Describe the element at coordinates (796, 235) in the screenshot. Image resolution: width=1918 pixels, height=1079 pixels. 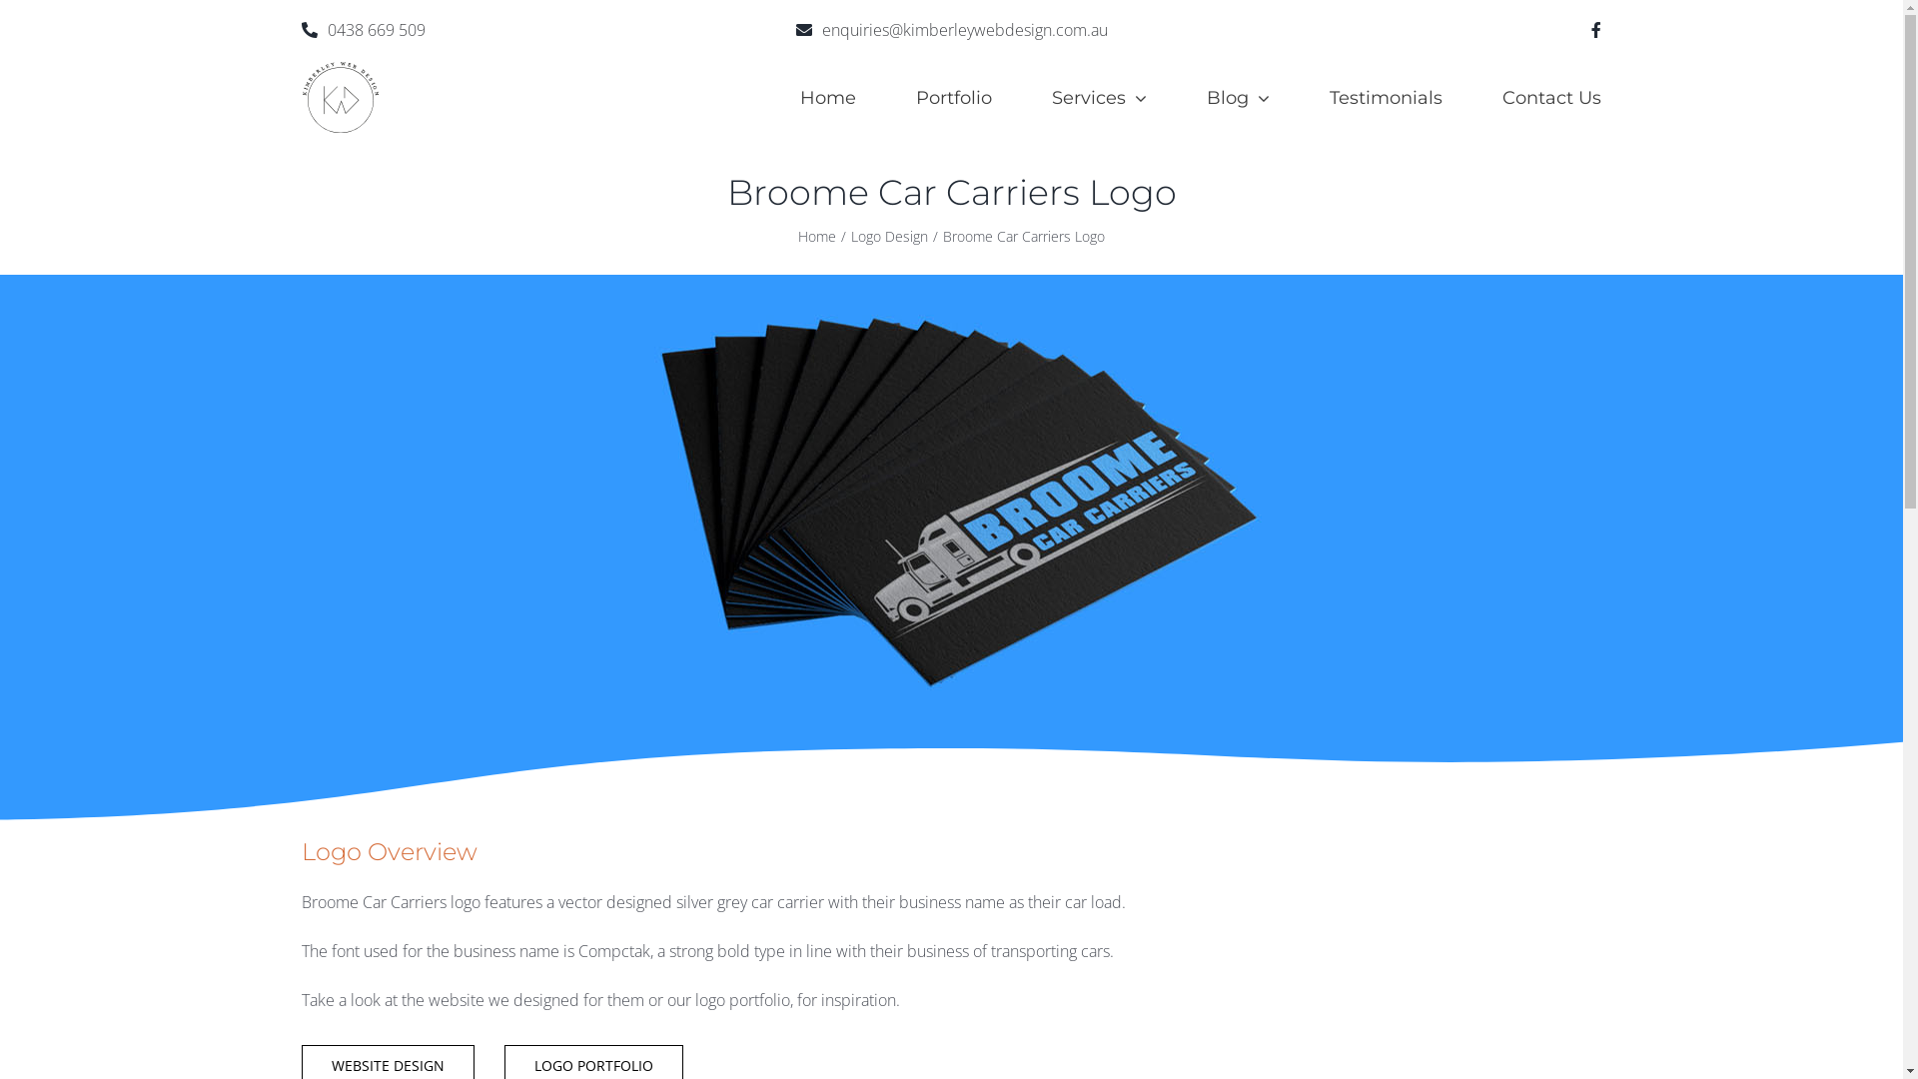
I see `'Home'` at that location.